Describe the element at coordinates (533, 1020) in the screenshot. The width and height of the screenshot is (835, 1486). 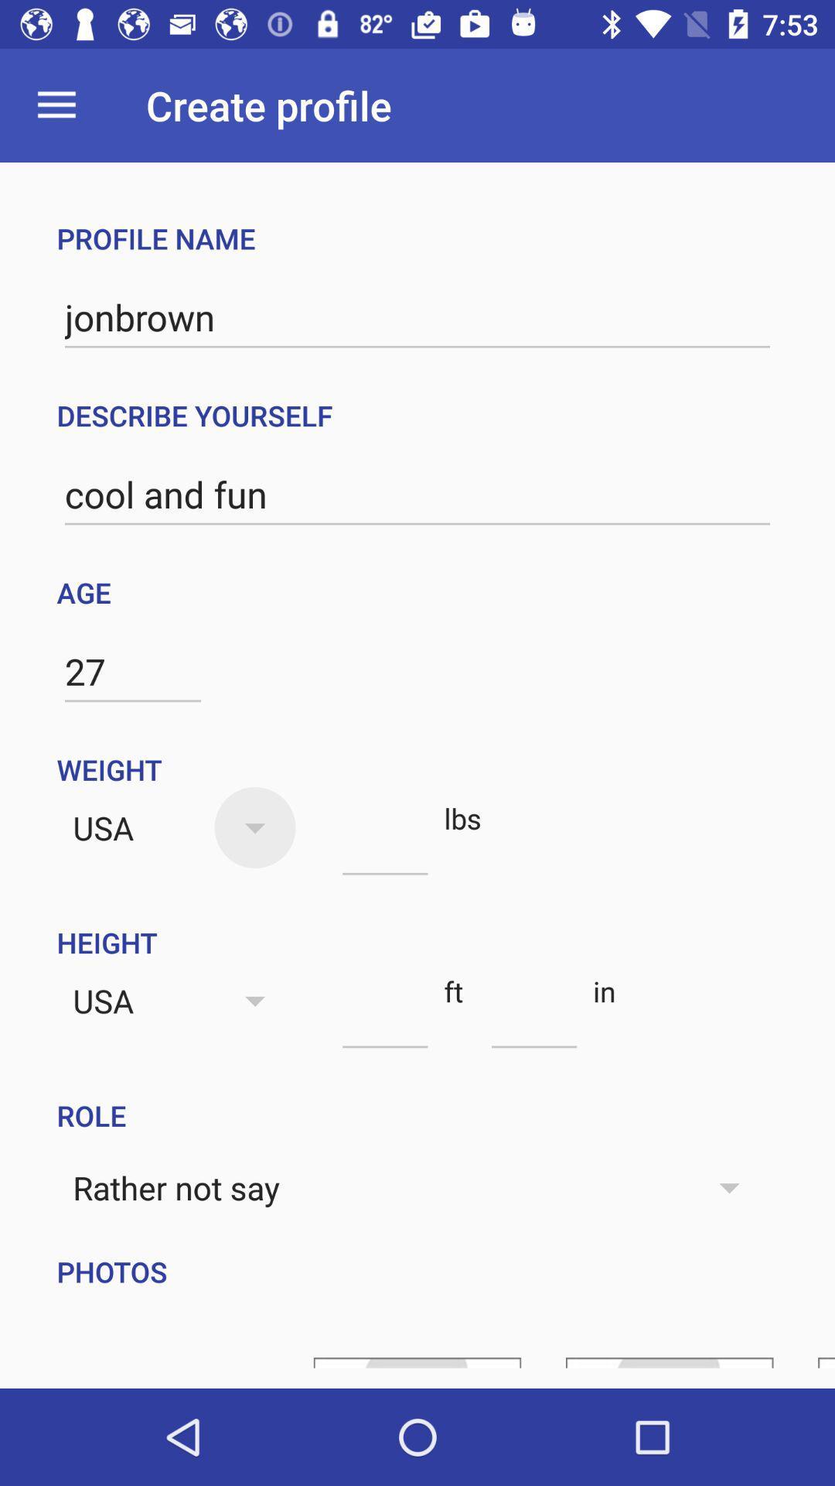
I see `inches` at that location.